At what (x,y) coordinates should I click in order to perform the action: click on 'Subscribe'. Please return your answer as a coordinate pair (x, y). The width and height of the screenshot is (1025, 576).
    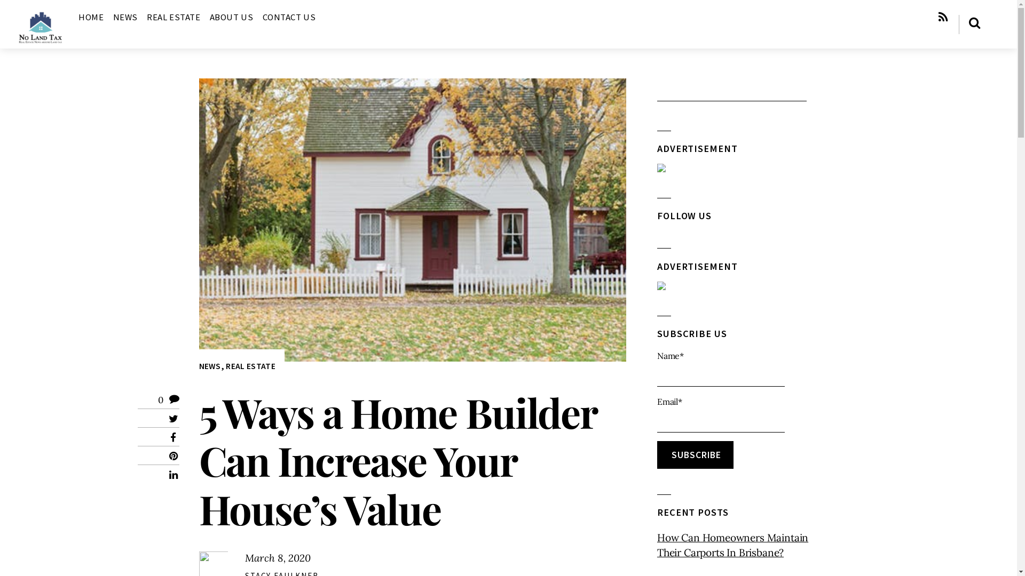
    Looking at the image, I should click on (656, 454).